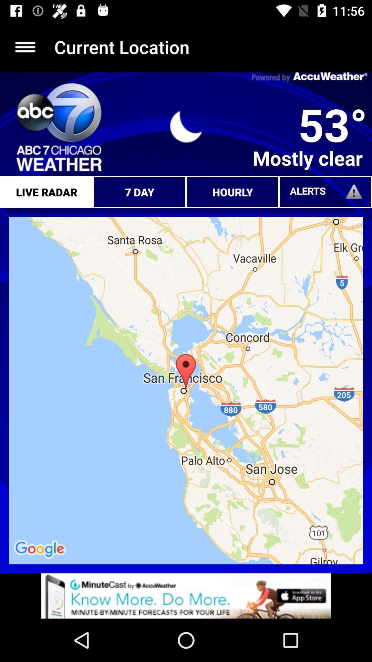  I want to click on moon icon before 53, so click(186, 127).